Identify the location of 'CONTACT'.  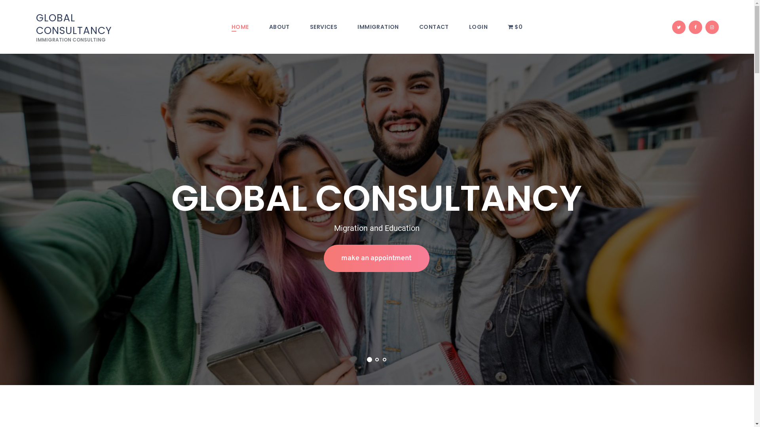
(433, 27).